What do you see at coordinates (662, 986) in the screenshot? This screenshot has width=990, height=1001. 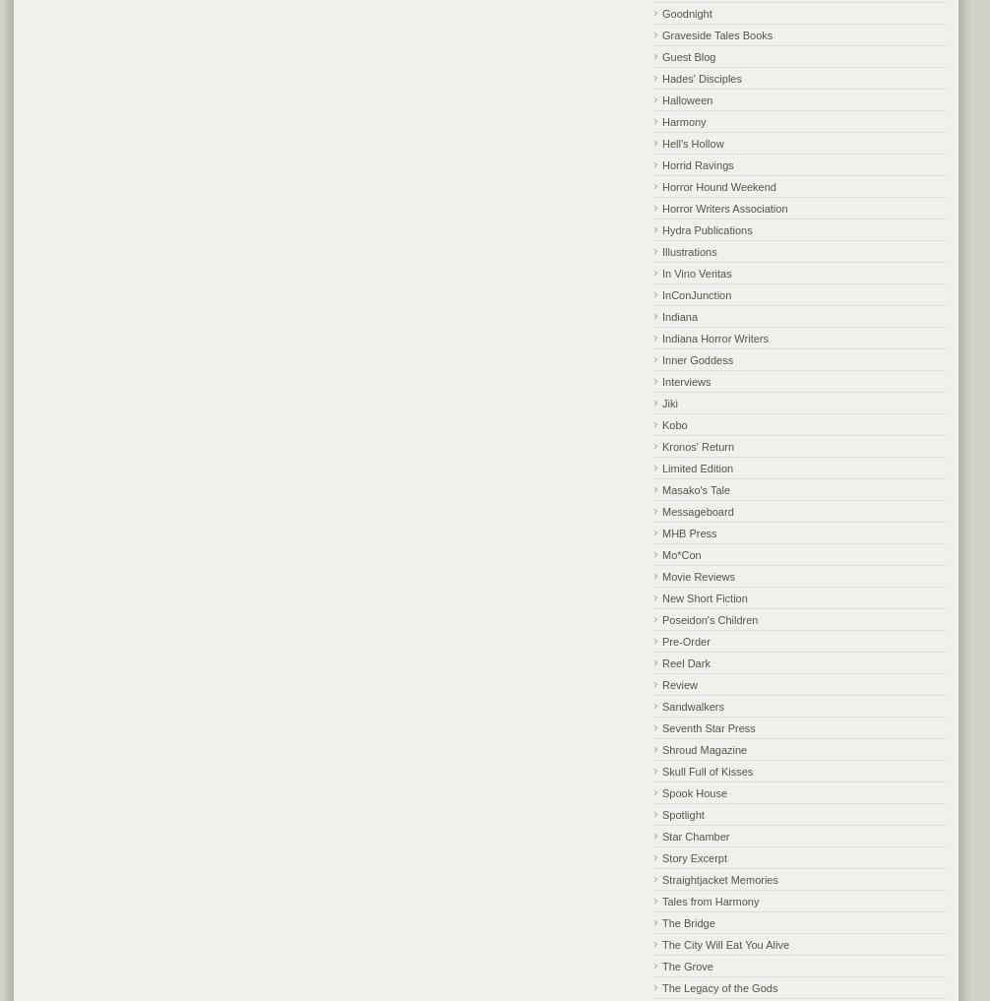 I see `'The Legacy of the Gods'` at bounding box center [662, 986].